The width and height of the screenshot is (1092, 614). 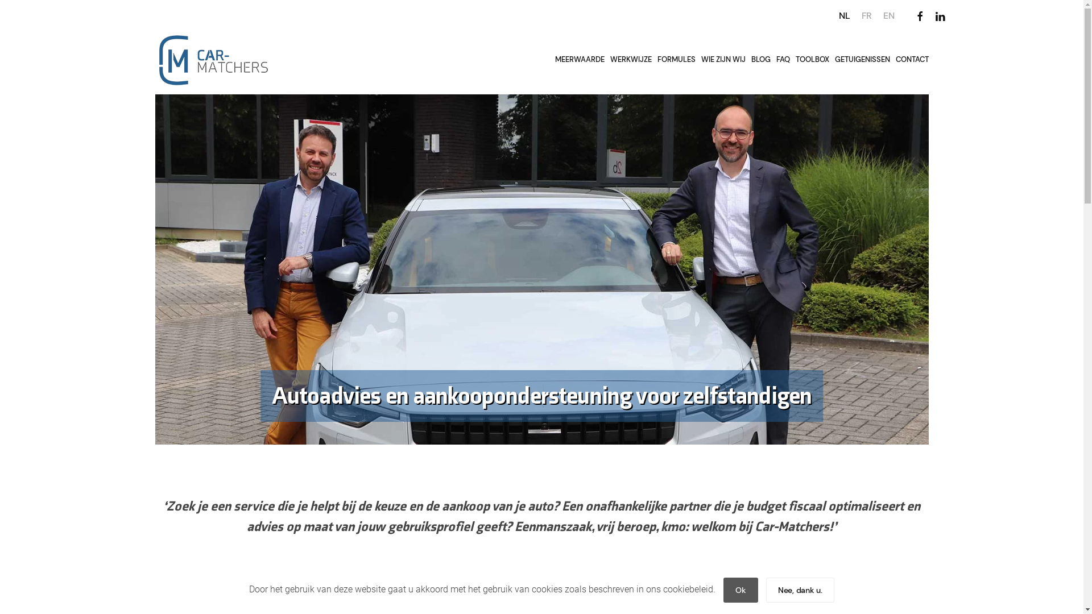 I want to click on 'TOOLBOX', so click(x=812, y=60).